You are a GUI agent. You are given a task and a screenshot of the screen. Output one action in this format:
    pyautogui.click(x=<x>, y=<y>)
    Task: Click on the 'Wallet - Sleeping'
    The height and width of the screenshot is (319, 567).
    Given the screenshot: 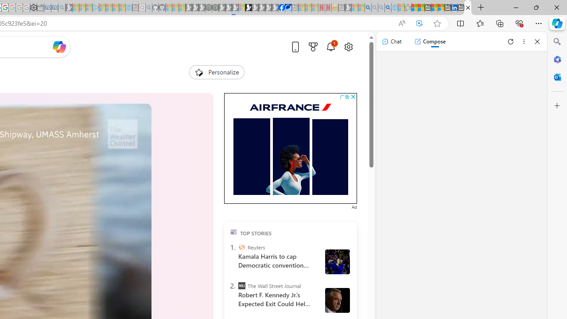 What is the action you would take?
    pyautogui.click(x=40, y=8)
    